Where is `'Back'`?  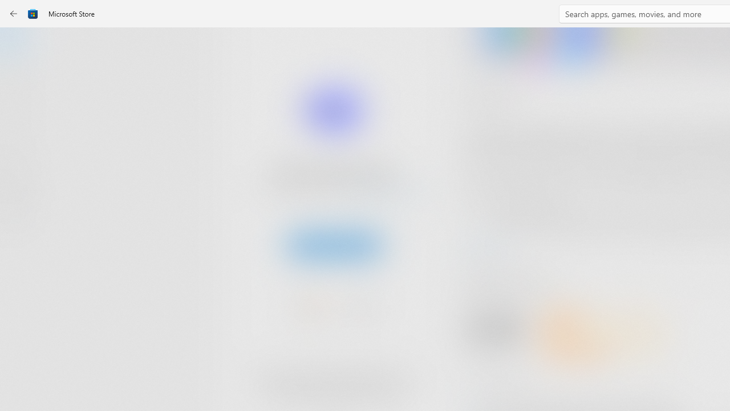
'Back' is located at coordinates (14, 14).